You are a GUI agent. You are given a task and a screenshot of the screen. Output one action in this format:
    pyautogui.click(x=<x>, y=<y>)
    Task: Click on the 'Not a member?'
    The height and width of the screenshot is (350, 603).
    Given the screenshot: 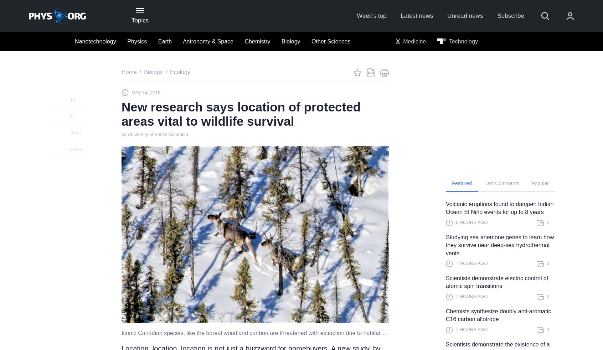 What is the action you would take?
    pyautogui.click(x=478, y=166)
    